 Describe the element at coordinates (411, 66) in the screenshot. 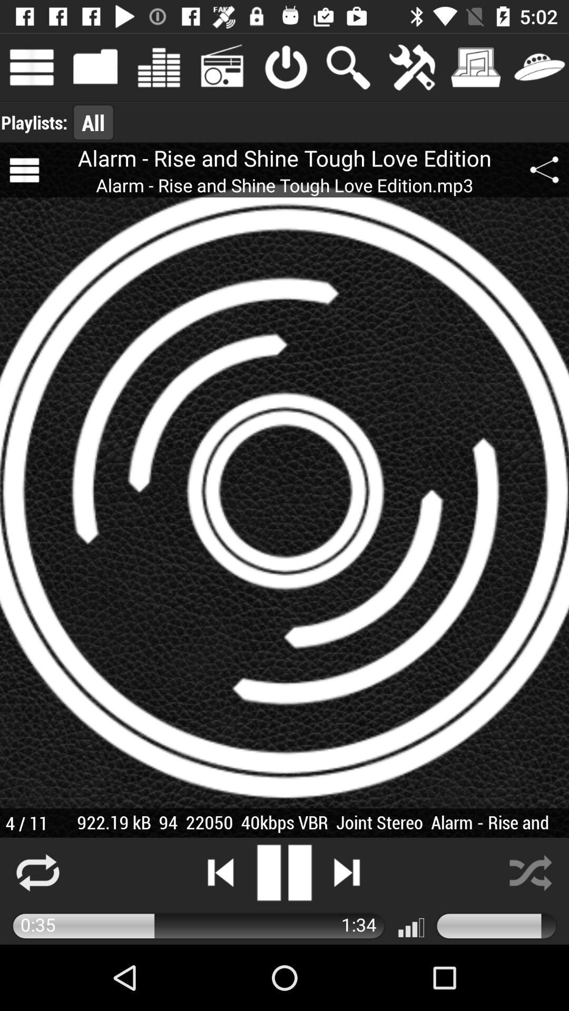

I see `the build icon` at that location.